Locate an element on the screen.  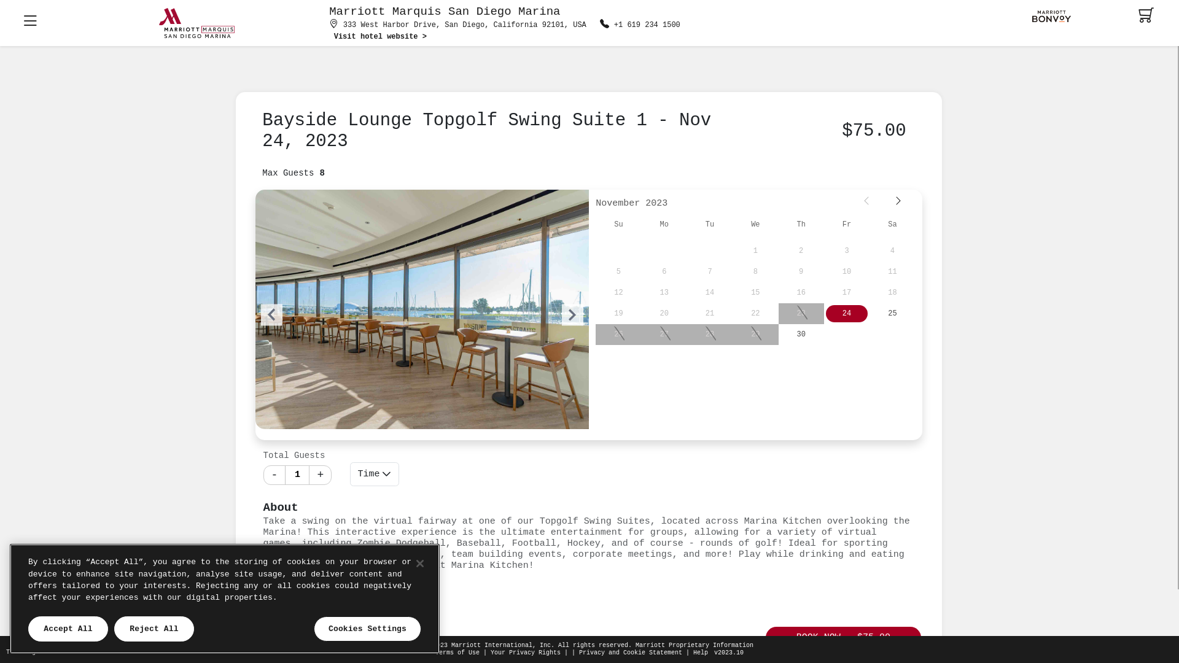
'Visit hotel website >' is located at coordinates (333, 36).